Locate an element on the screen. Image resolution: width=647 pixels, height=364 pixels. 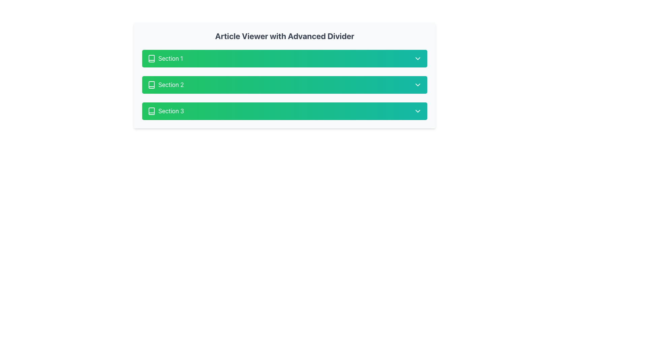
the graphical icon representing the book for Section 2, located on the left side of the section row is located at coordinates (151, 84).